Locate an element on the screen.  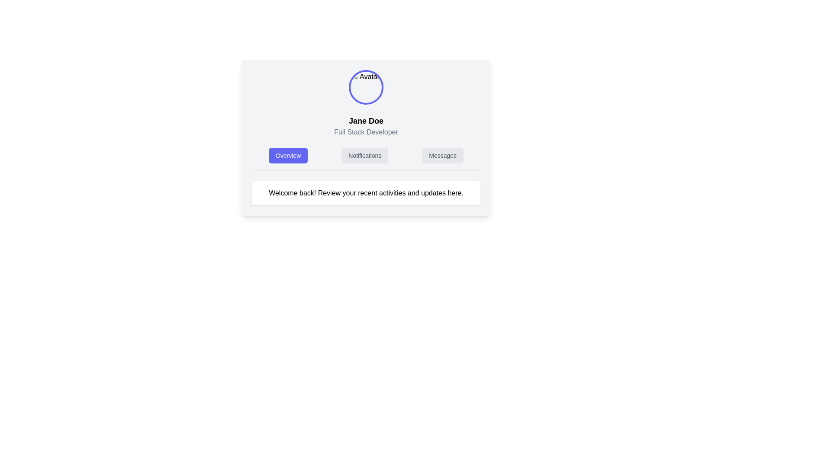
the 'Notifications' button in the navigation bar is located at coordinates (365, 155).